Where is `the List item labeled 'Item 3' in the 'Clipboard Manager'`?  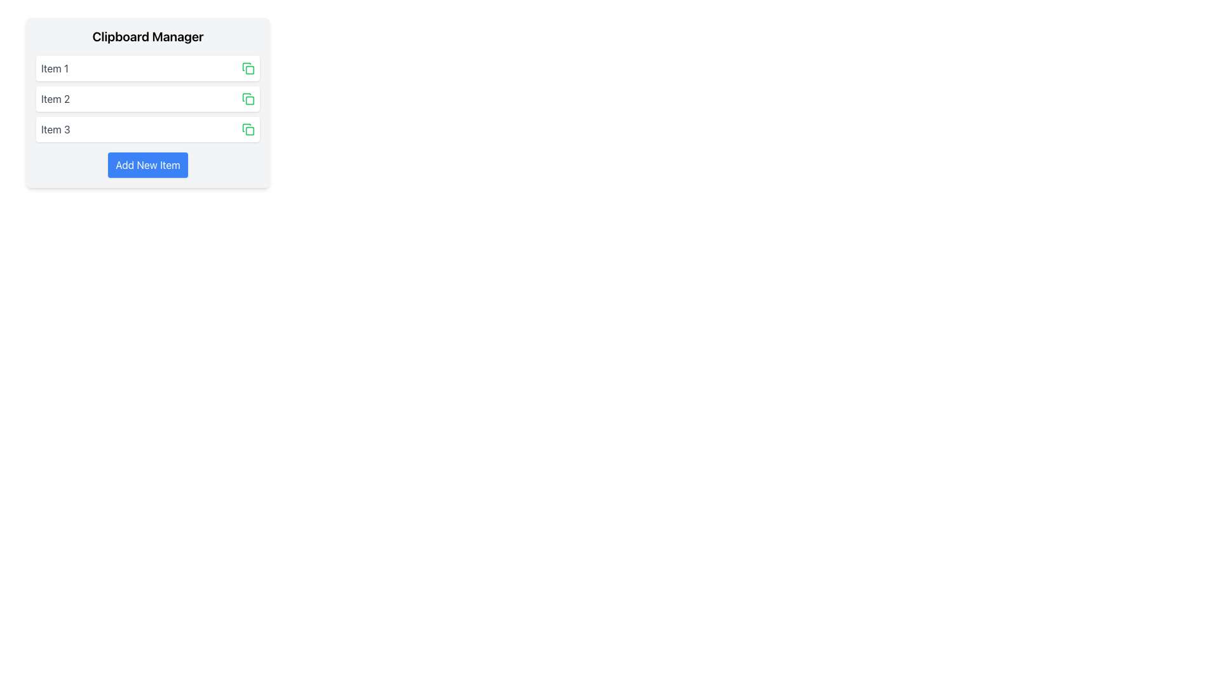 the List item labeled 'Item 3' in the 'Clipboard Manager' is located at coordinates (148, 130).